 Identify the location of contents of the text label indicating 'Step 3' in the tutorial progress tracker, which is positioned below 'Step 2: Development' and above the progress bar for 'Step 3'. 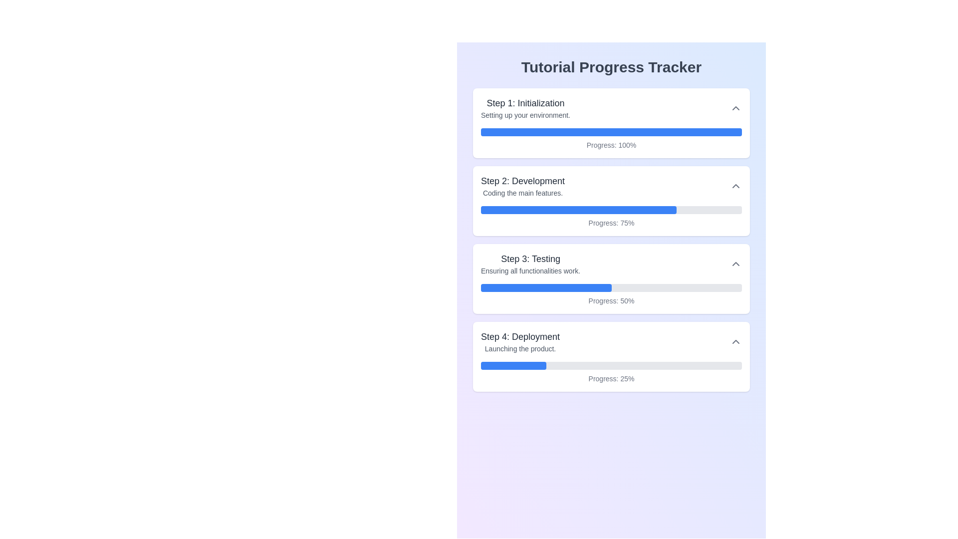
(530, 259).